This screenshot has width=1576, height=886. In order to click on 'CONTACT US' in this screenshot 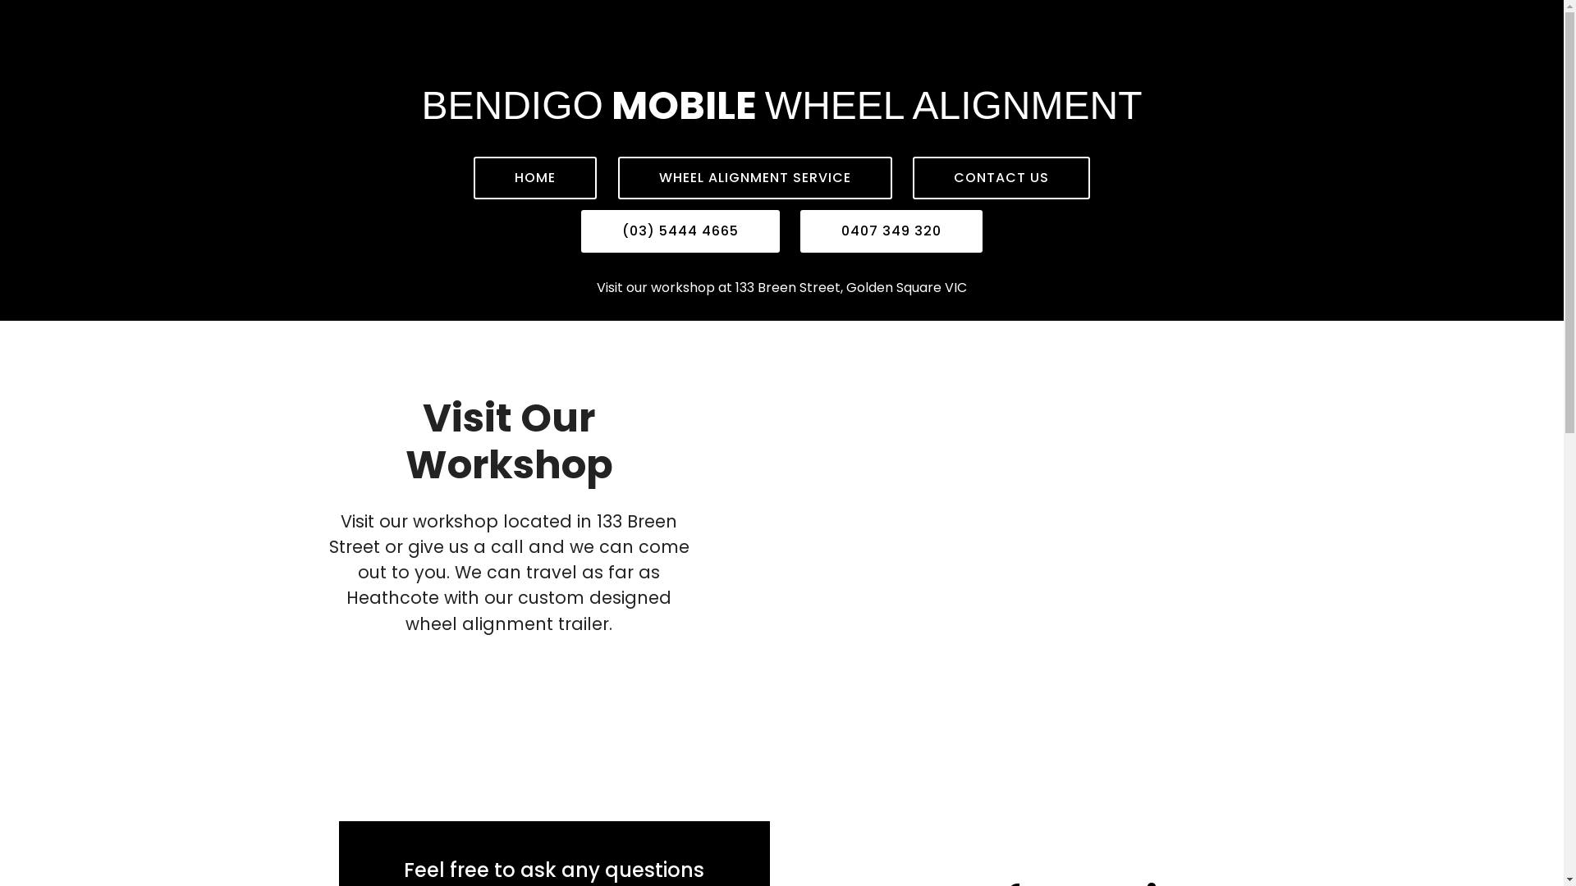, I will do `click(1000, 177)`.